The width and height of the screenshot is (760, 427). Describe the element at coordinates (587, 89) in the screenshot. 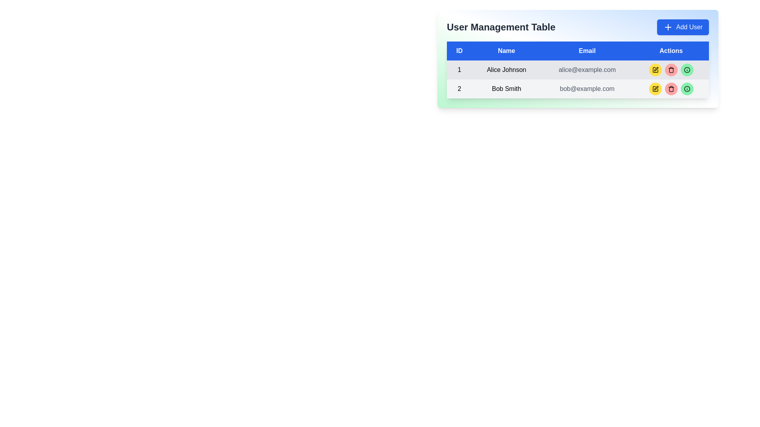

I see `the email address 'bob@example.com' located` at that location.